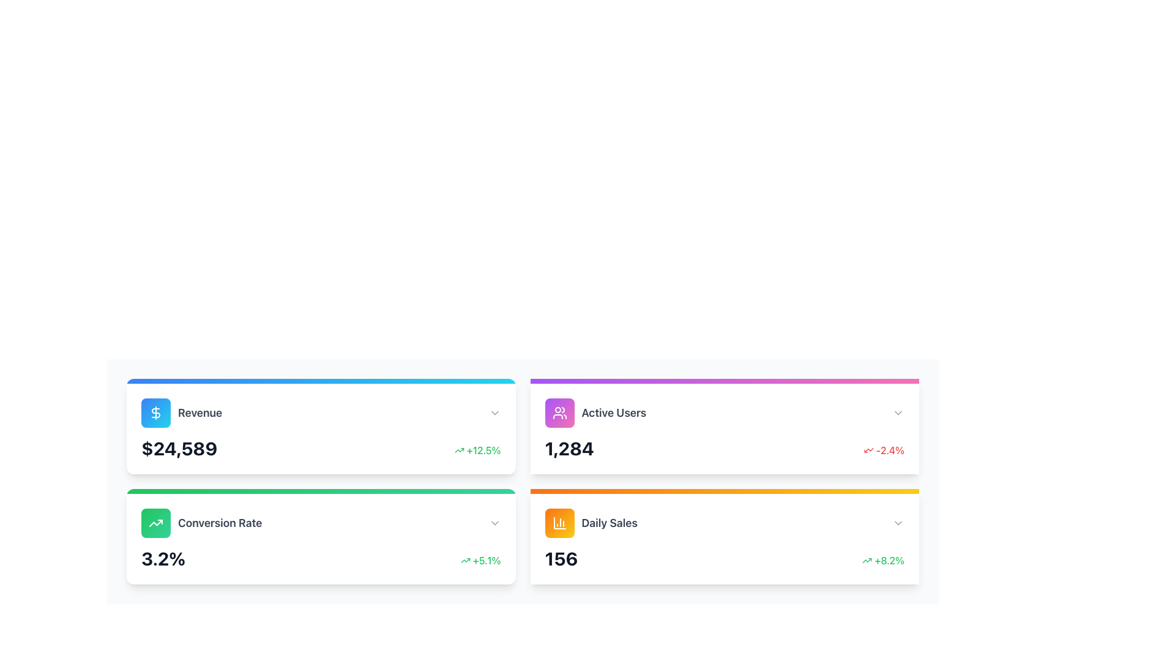 Image resolution: width=1175 pixels, height=661 pixels. Describe the element at coordinates (464, 560) in the screenshot. I see `the small upward-trending green arrow icon that represents positive growth, located before the text '+5.1%' in the conversion rate indicator` at that location.